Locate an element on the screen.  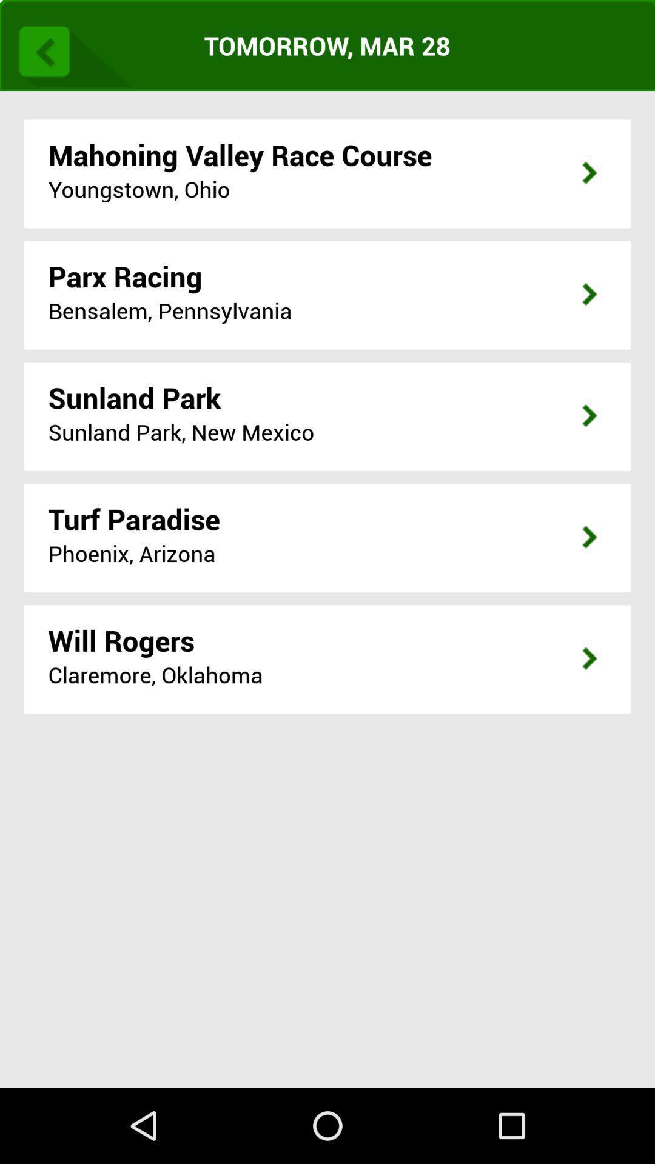
item at the bottom is located at coordinates (327, 915).